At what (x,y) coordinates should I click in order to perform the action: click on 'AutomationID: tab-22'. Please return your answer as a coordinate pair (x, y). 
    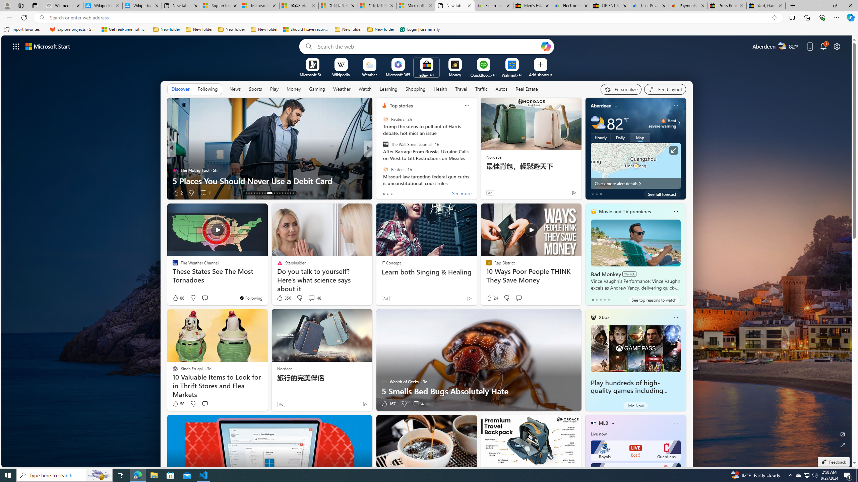
    Looking at the image, I should click on (272, 193).